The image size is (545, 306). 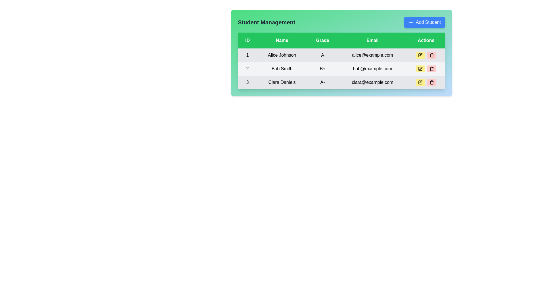 What do you see at coordinates (411, 22) in the screenshot?
I see `the plus icon within the 'Add Student' button, located in the top-right corner of the student management interface` at bounding box center [411, 22].